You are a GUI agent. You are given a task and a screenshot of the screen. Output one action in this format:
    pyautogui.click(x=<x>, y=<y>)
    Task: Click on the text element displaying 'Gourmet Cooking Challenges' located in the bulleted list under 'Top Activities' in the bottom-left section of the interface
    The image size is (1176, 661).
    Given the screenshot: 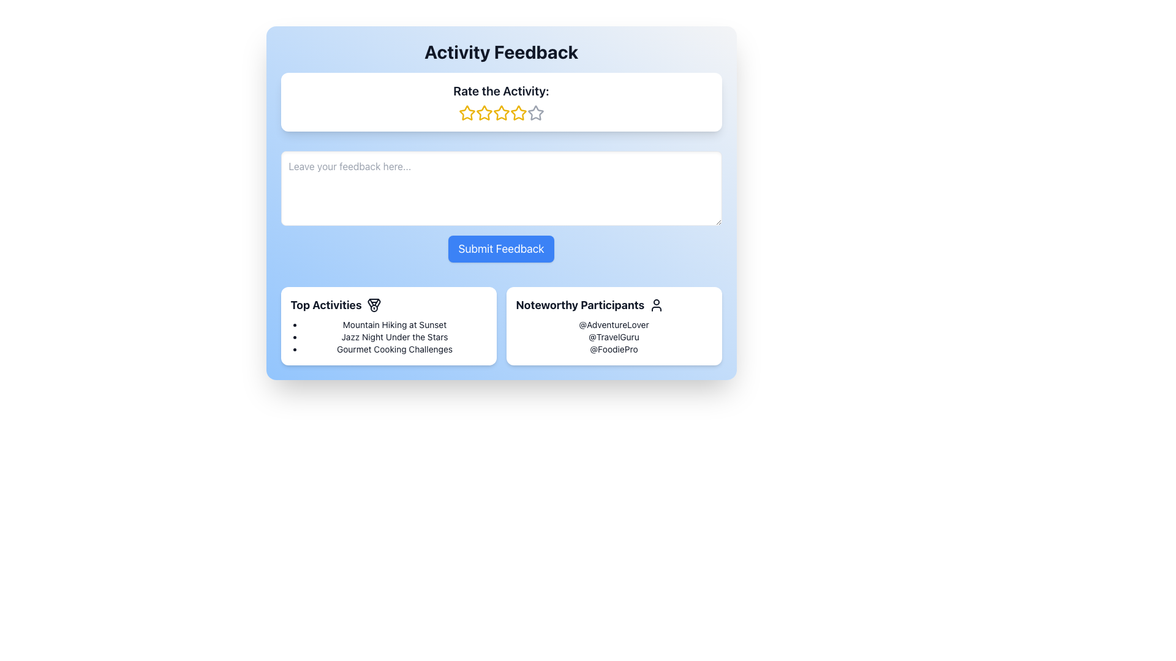 What is the action you would take?
    pyautogui.click(x=394, y=349)
    